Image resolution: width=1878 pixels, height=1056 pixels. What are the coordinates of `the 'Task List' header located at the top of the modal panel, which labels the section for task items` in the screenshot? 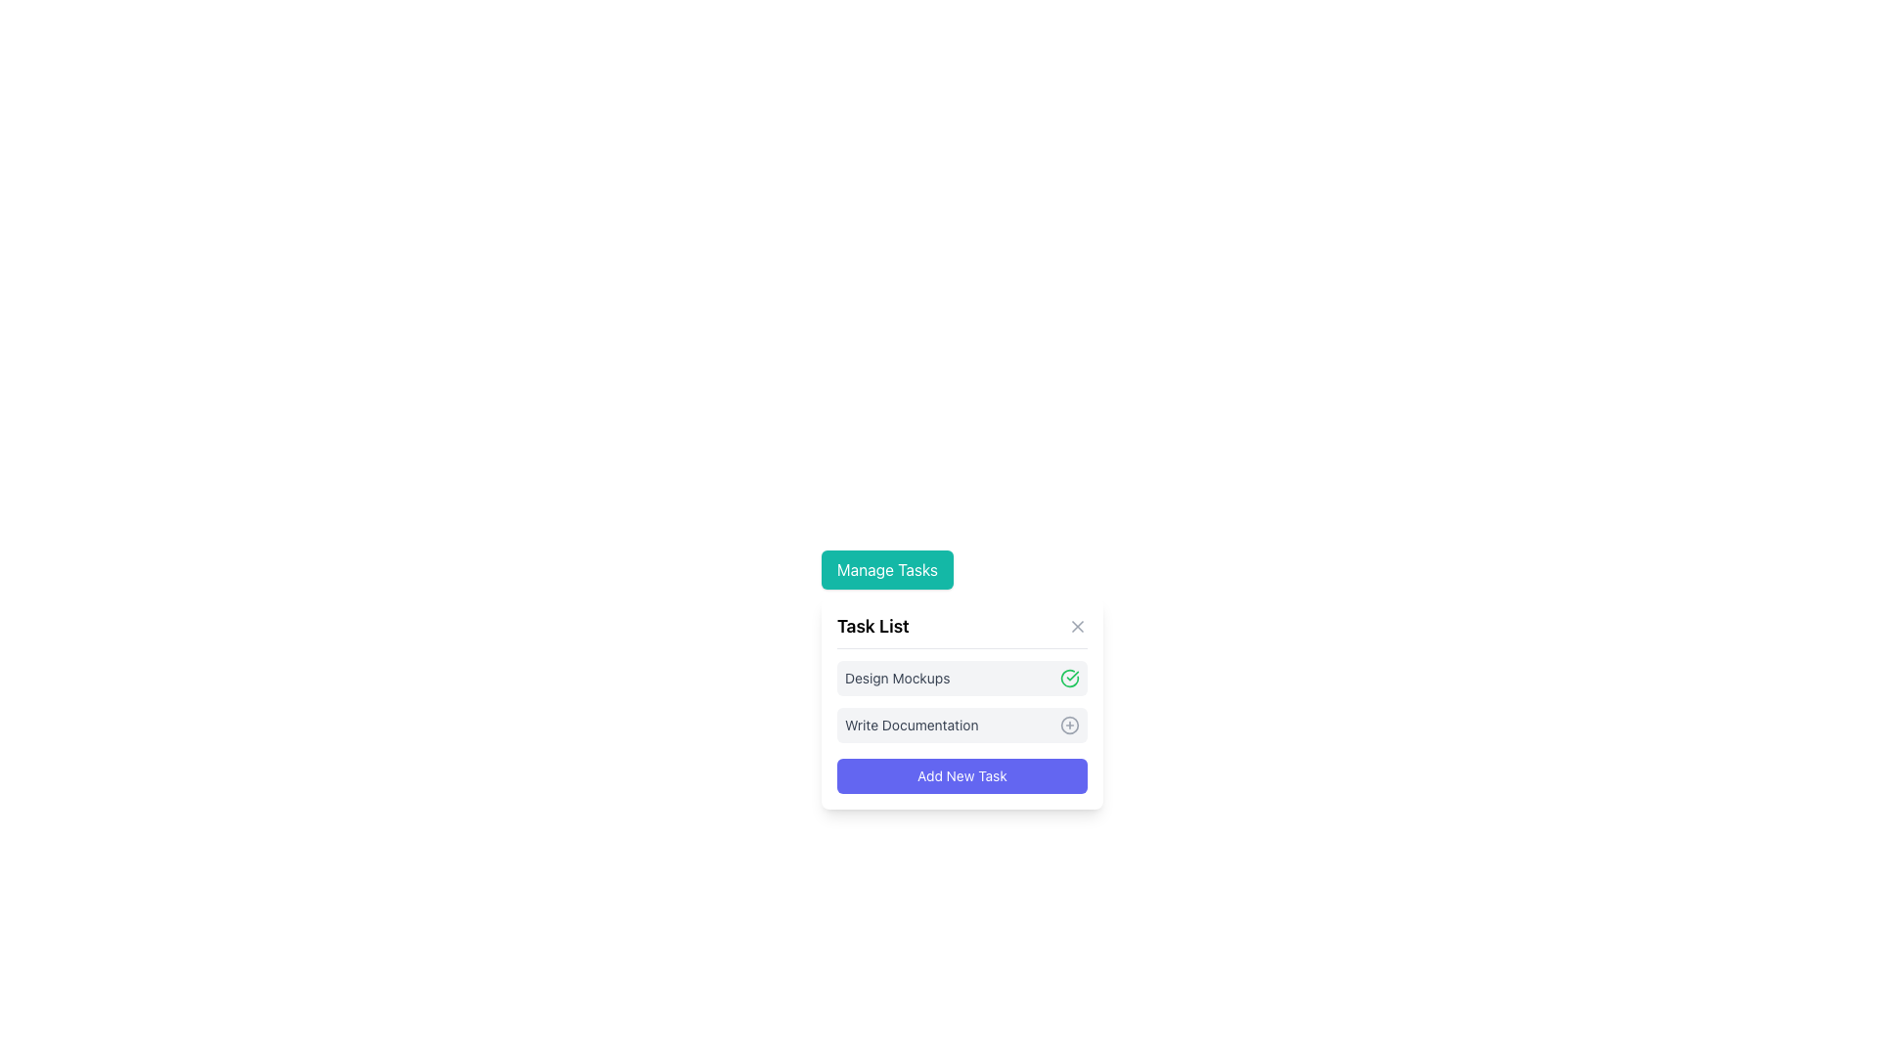 It's located at (872, 626).